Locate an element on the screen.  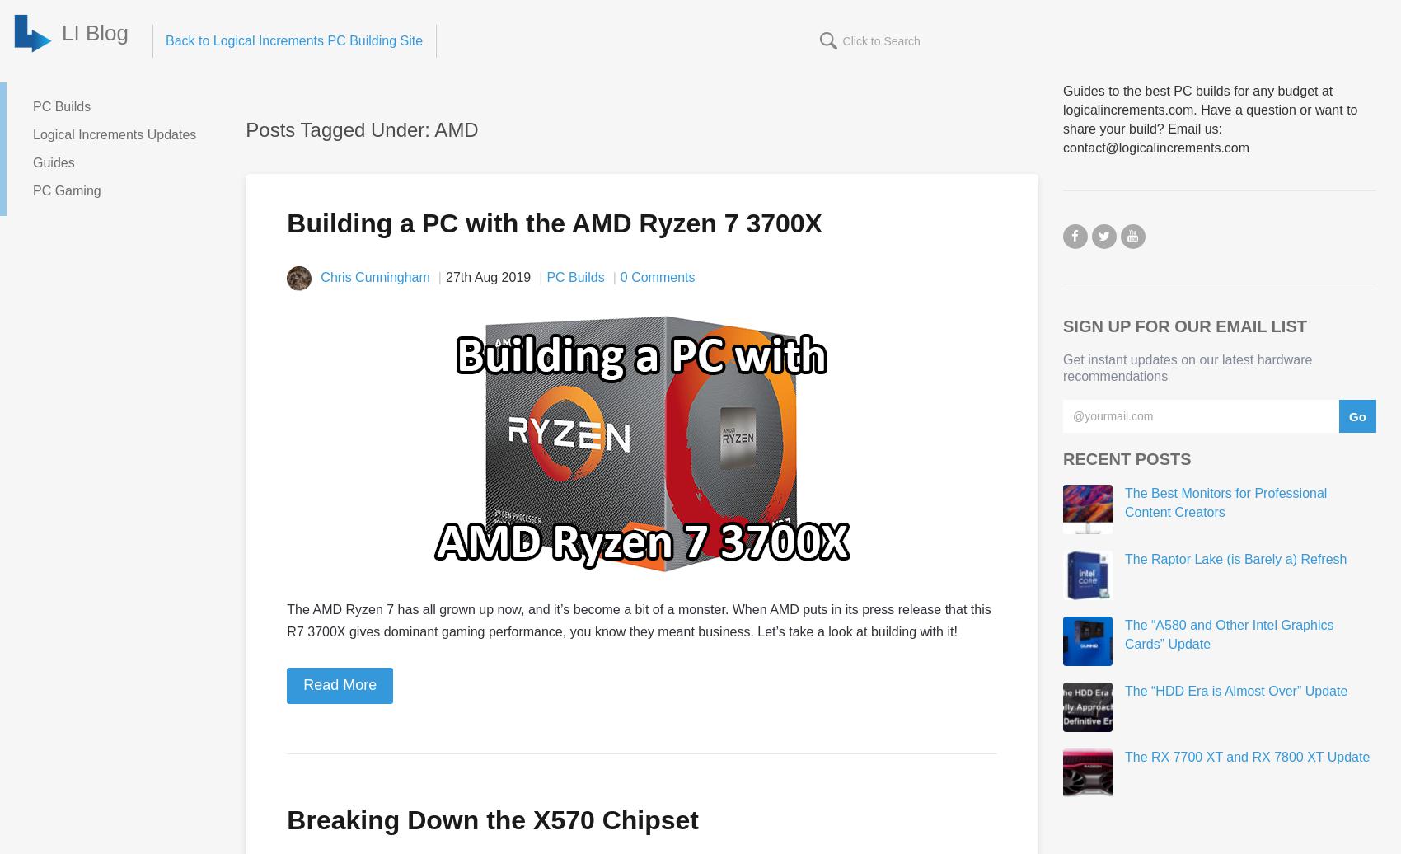
'Breaking Down the X570 Chipset' is located at coordinates (492, 819).